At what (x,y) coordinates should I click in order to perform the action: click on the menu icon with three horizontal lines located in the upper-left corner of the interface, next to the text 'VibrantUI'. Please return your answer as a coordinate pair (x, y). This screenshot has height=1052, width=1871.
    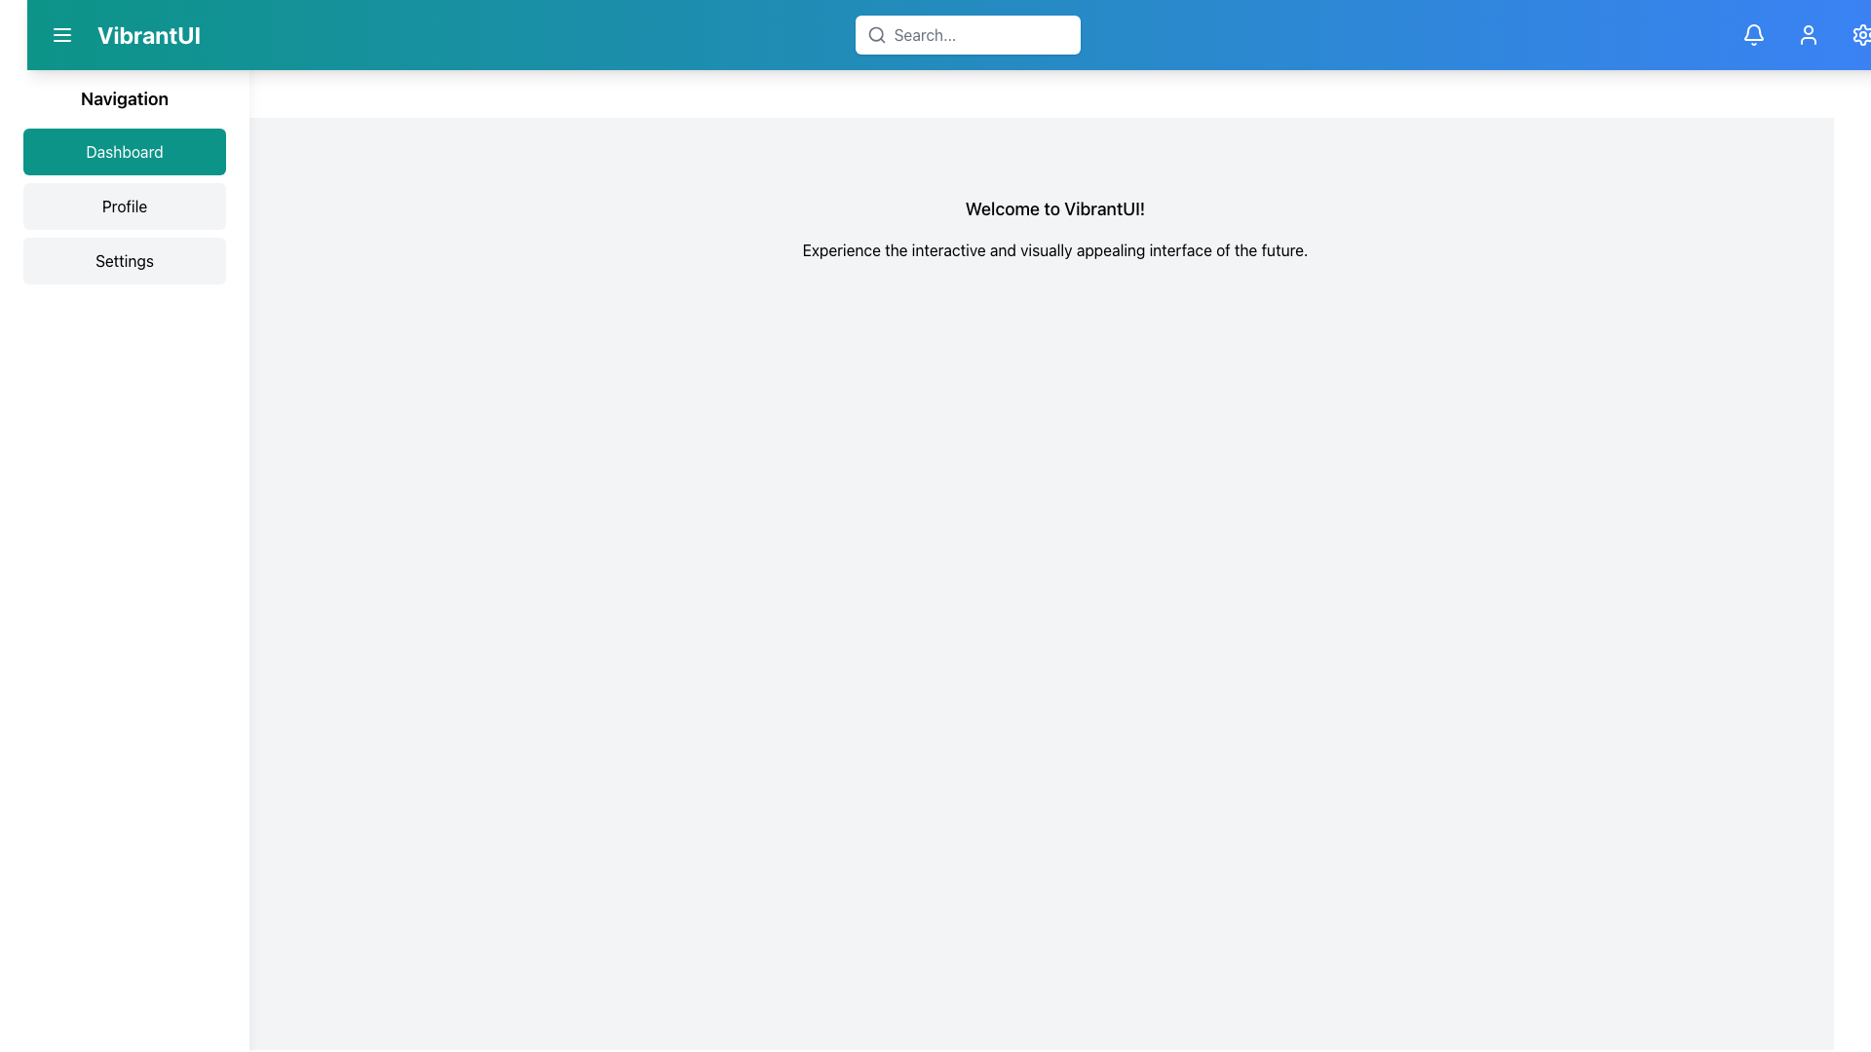
    Looking at the image, I should click on (61, 34).